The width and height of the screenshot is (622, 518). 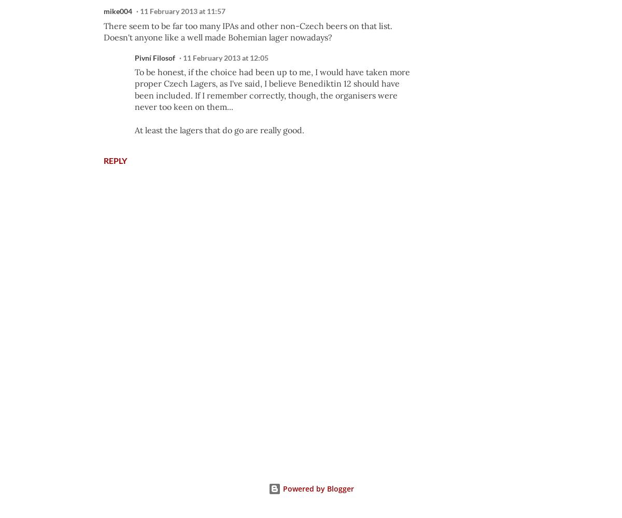 I want to click on 'mike004', so click(x=103, y=11).